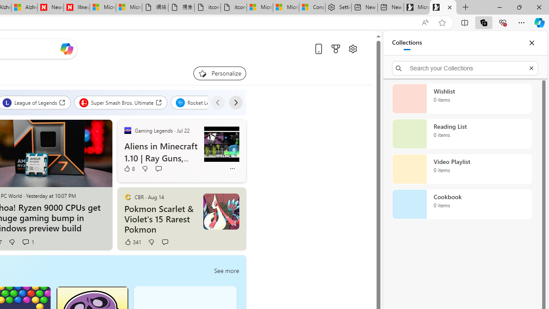  What do you see at coordinates (465, 68) in the screenshot?
I see `'Search your Collections'` at bounding box center [465, 68].